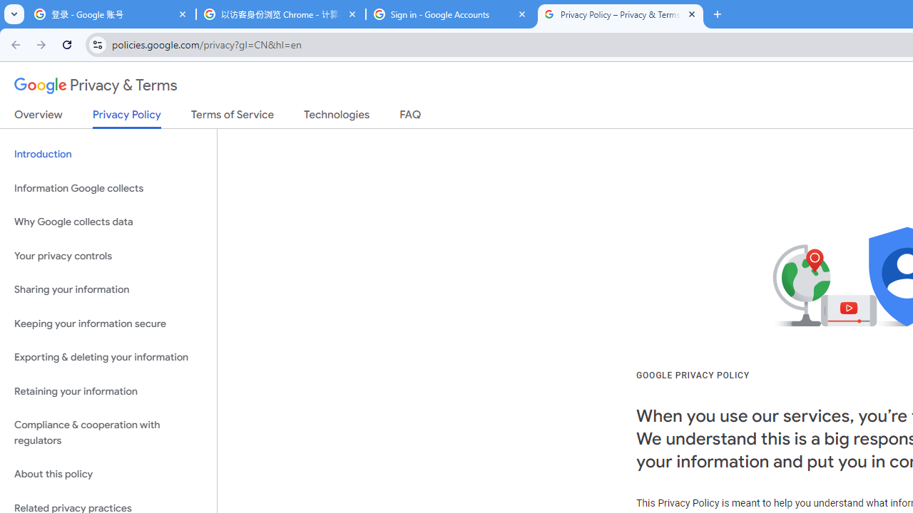 The image size is (913, 513). What do you see at coordinates (450, 14) in the screenshot?
I see `'Sign in - Google Accounts'` at bounding box center [450, 14].